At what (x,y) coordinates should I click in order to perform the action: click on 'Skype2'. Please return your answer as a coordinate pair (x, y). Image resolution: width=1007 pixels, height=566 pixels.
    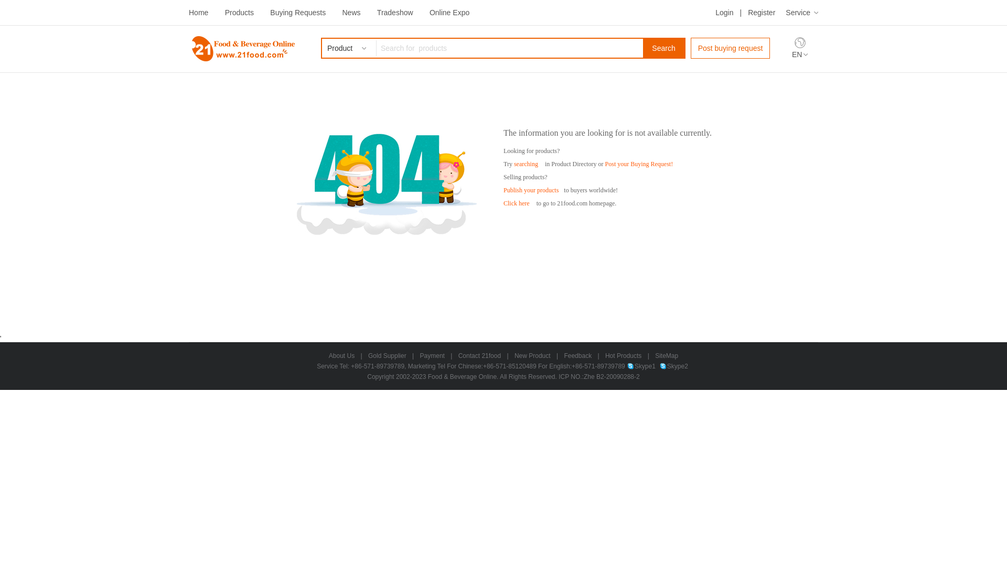
    Looking at the image, I should click on (674, 365).